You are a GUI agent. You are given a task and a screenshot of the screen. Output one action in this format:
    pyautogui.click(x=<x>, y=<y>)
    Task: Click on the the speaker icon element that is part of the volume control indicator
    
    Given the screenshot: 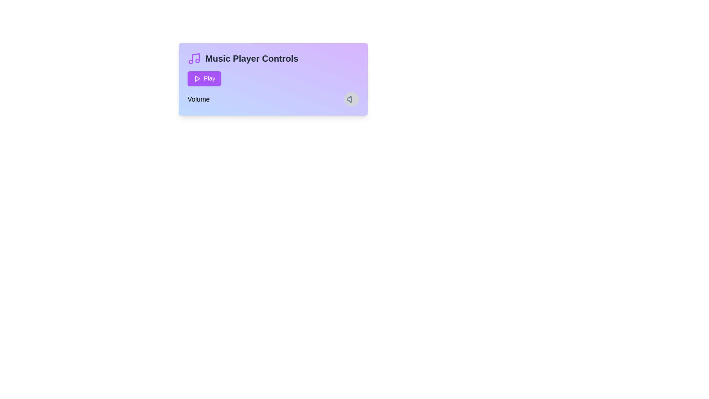 What is the action you would take?
    pyautogui.click(x=349, y=99)
    